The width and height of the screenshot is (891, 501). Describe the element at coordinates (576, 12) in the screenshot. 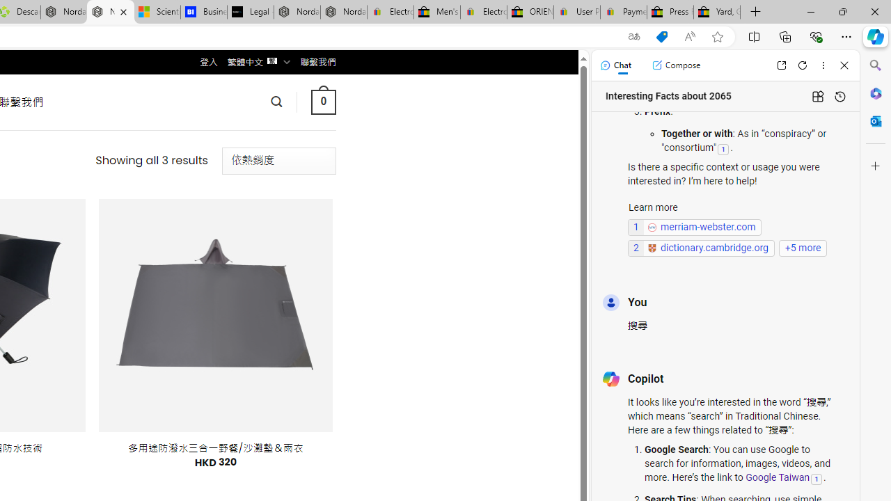

I see `'User Privacy Notice | eBay'` at that location.